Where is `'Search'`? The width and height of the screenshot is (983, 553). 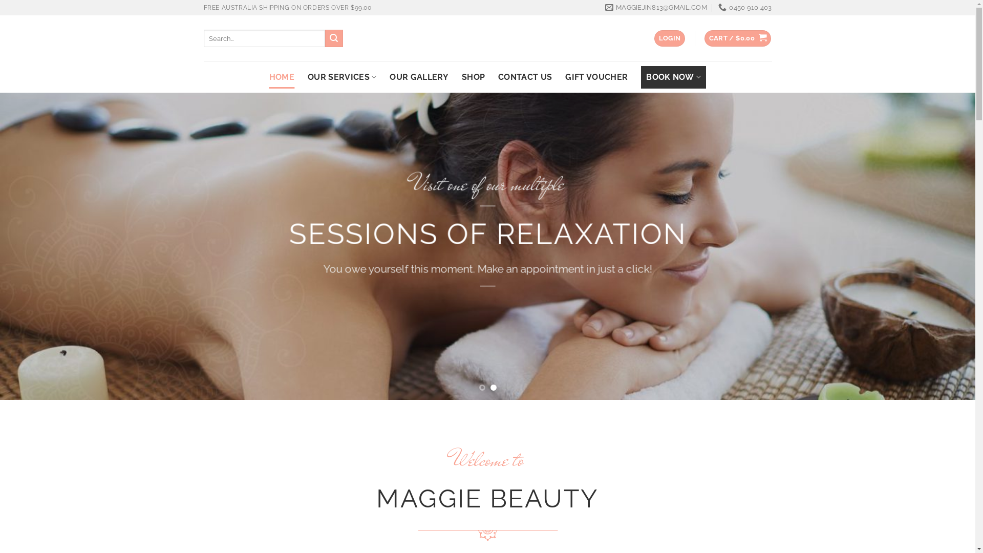
'Search' is located at coordinates (334, 37).